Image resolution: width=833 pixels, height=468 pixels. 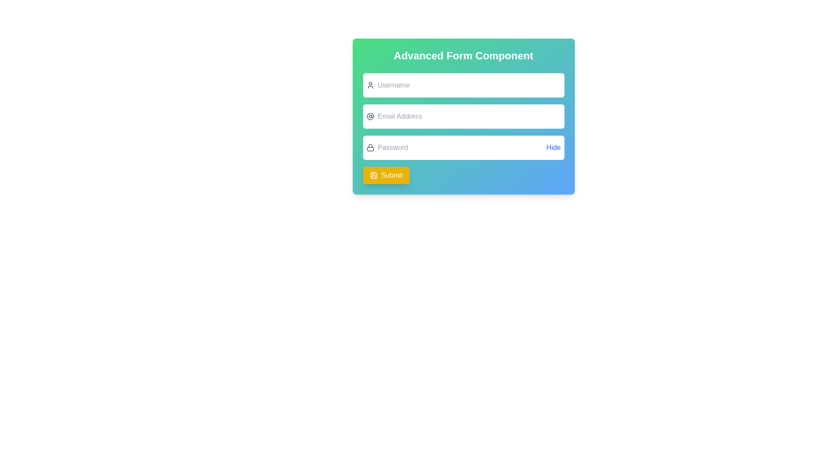 What do you see at coordinates (463, 129) in the screenshot?
I see `the 'Email Address' input field within the 'Advanced Form Component'` at bounding box center [463, 129].